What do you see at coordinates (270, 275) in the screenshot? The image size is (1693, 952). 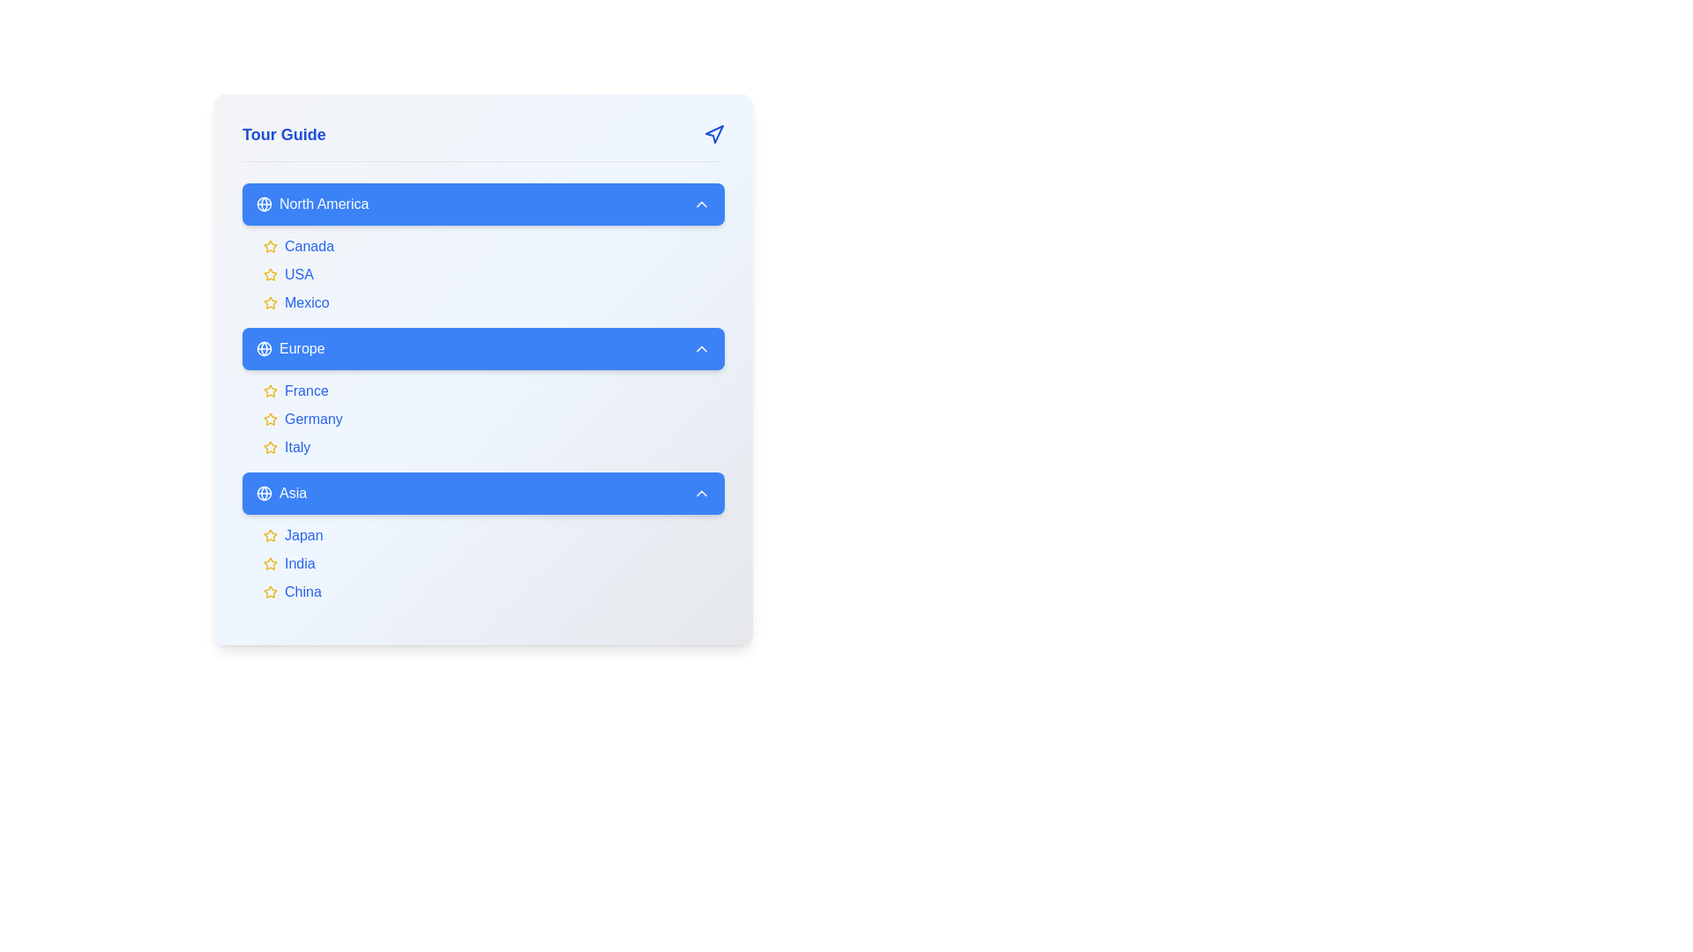 I see `the first icon representing a visual marker or rating indicator located to the left of the 'USA' text under the 'North America' section to interact with its functionality` at bounding box center [270, 275].